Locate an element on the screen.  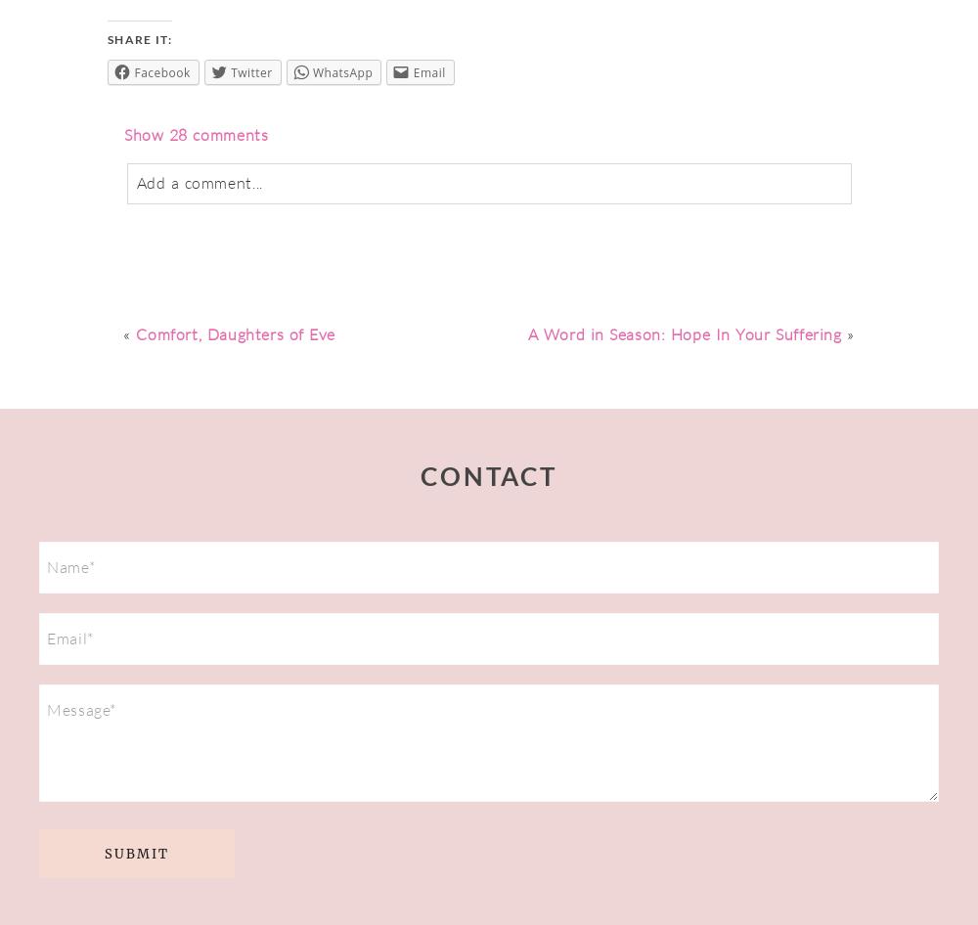
'Post Comment' is located at coordinates (139, 341).